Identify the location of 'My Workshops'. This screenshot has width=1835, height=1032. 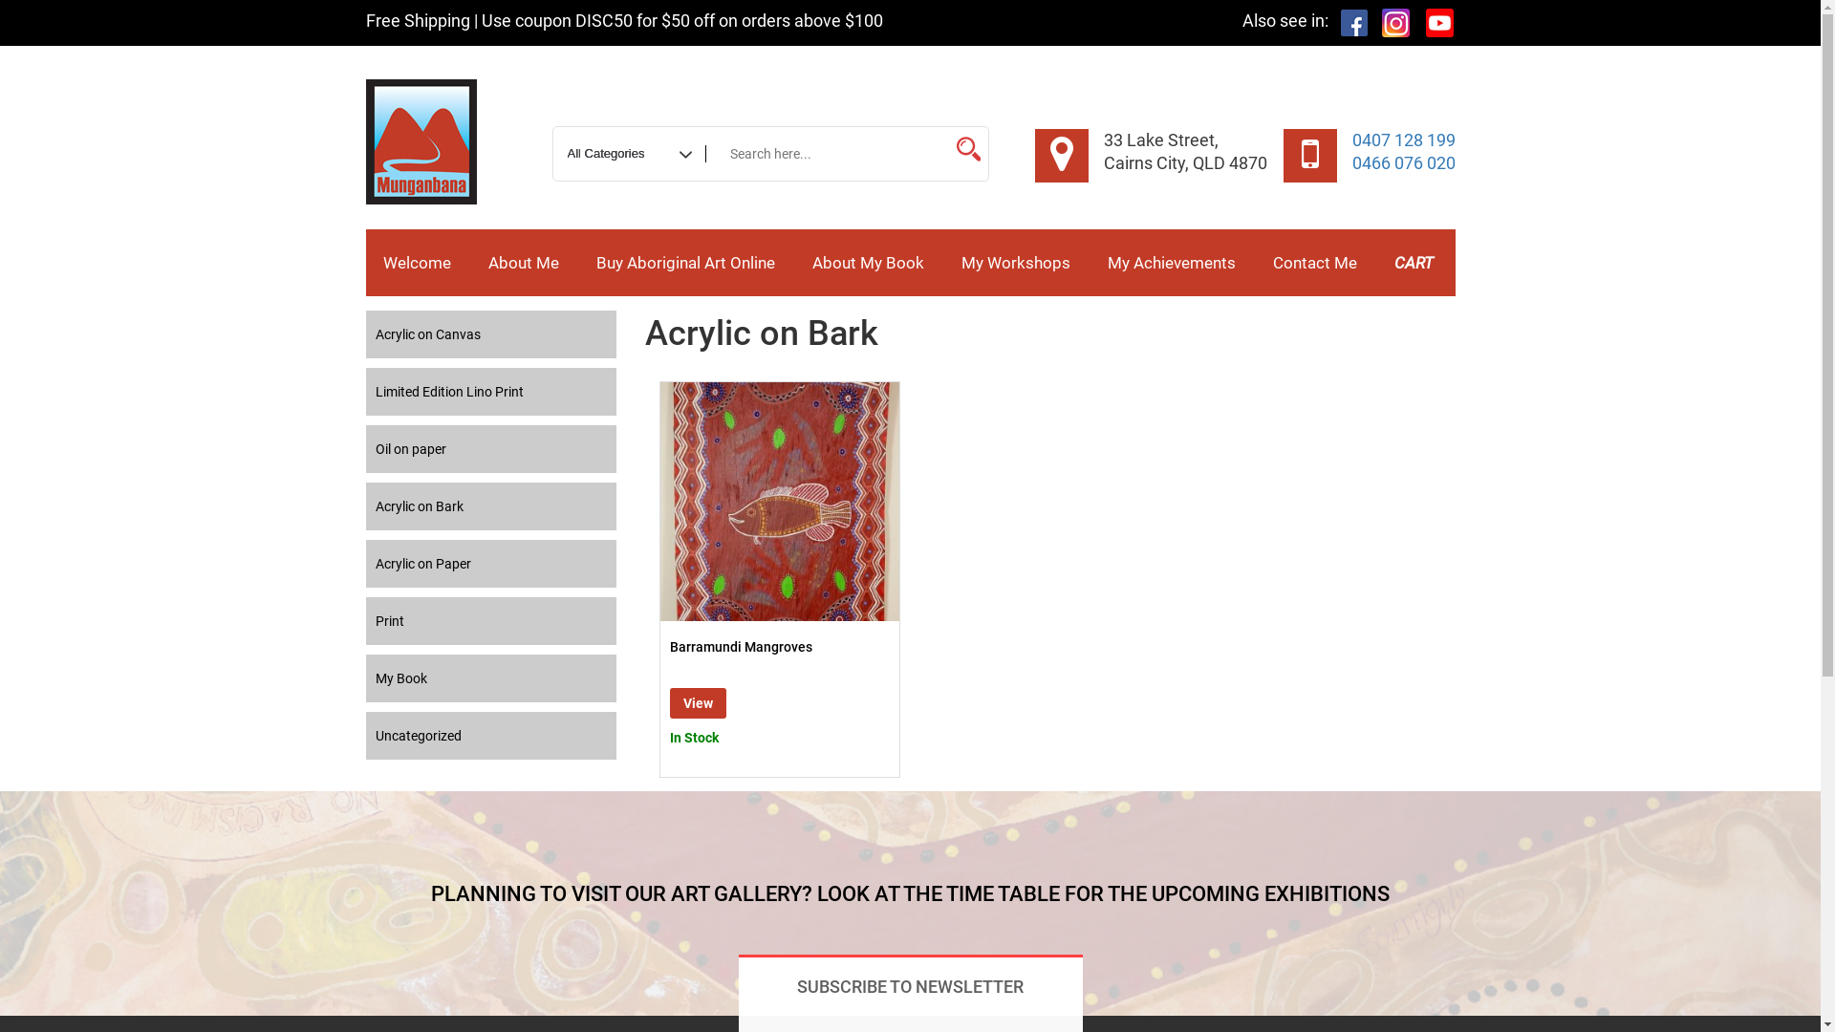
(1014, 262).